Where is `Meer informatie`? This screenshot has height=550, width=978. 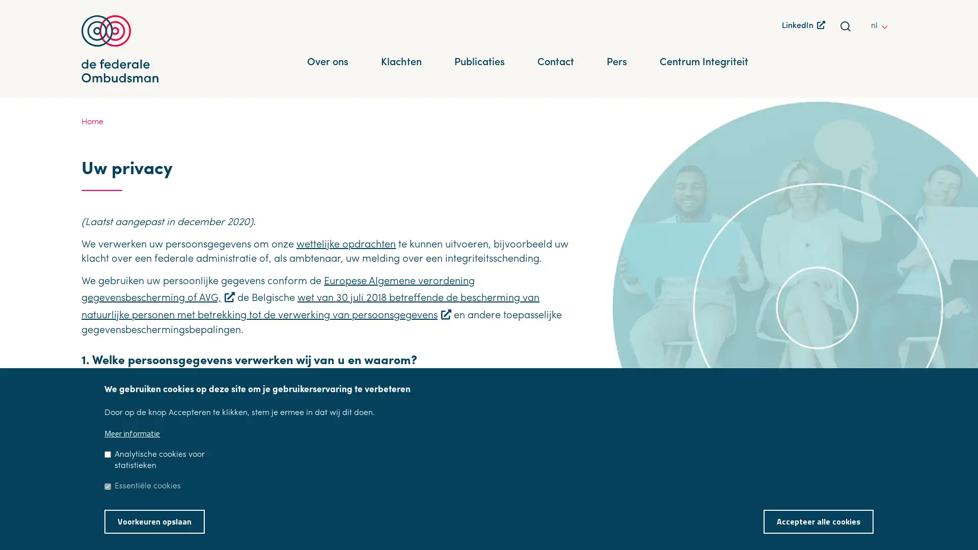 Meer informatie is located at coordinates (131, 433).